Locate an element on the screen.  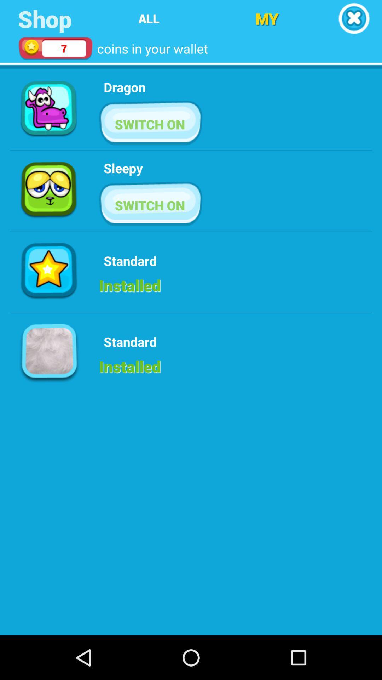
the item to the right of the my icon is located at coordinates (354, 18).